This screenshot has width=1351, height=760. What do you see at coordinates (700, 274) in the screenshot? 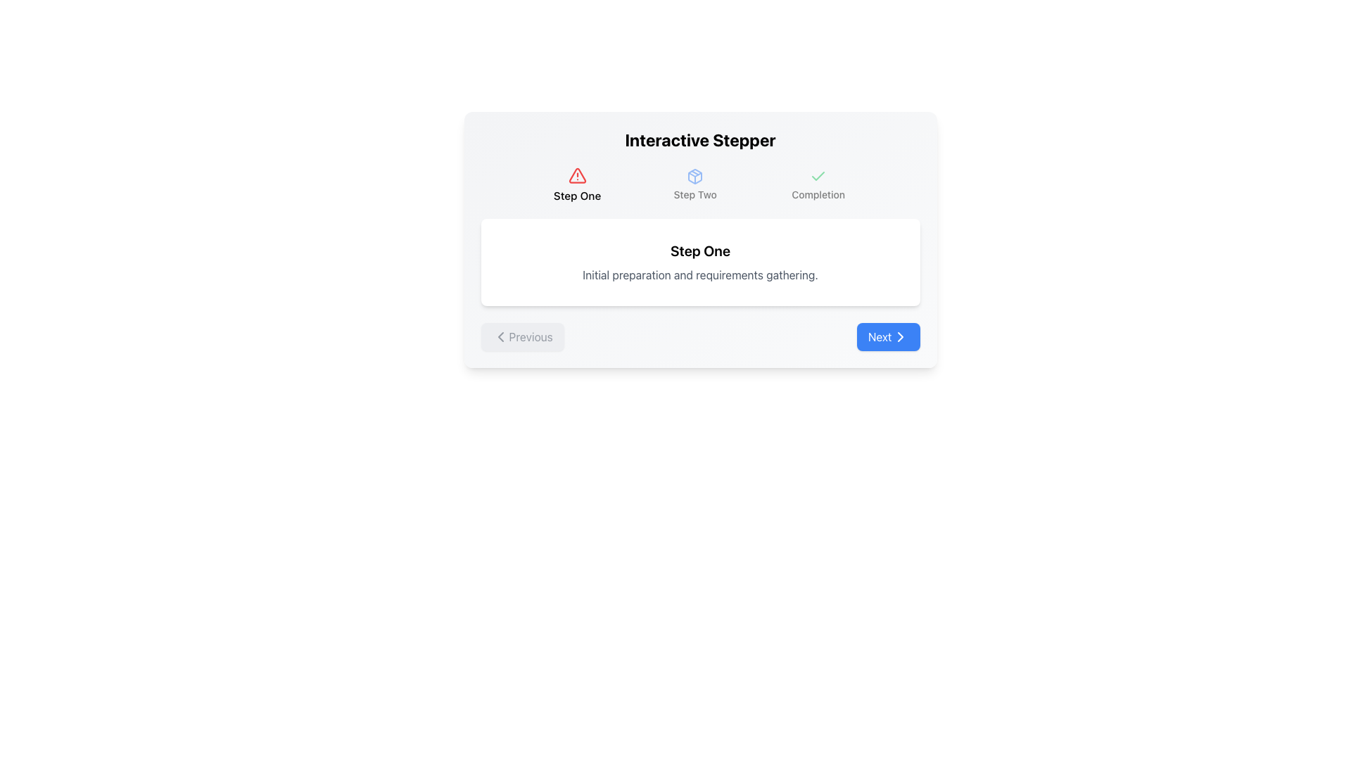
I see `the text label that reads 'Initial preparation and requirements gathering.' which is styled with a smaller font size and gray color, located directly under the title 'Step One.'` at bounding box center [700, 274].